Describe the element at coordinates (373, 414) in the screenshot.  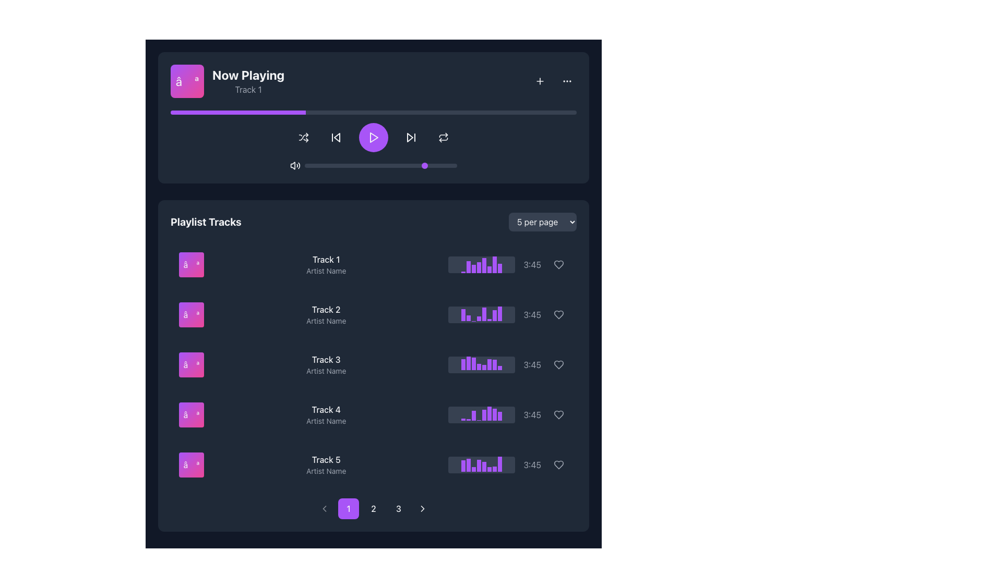
I see `the fourth row of the playlist component` at that location.